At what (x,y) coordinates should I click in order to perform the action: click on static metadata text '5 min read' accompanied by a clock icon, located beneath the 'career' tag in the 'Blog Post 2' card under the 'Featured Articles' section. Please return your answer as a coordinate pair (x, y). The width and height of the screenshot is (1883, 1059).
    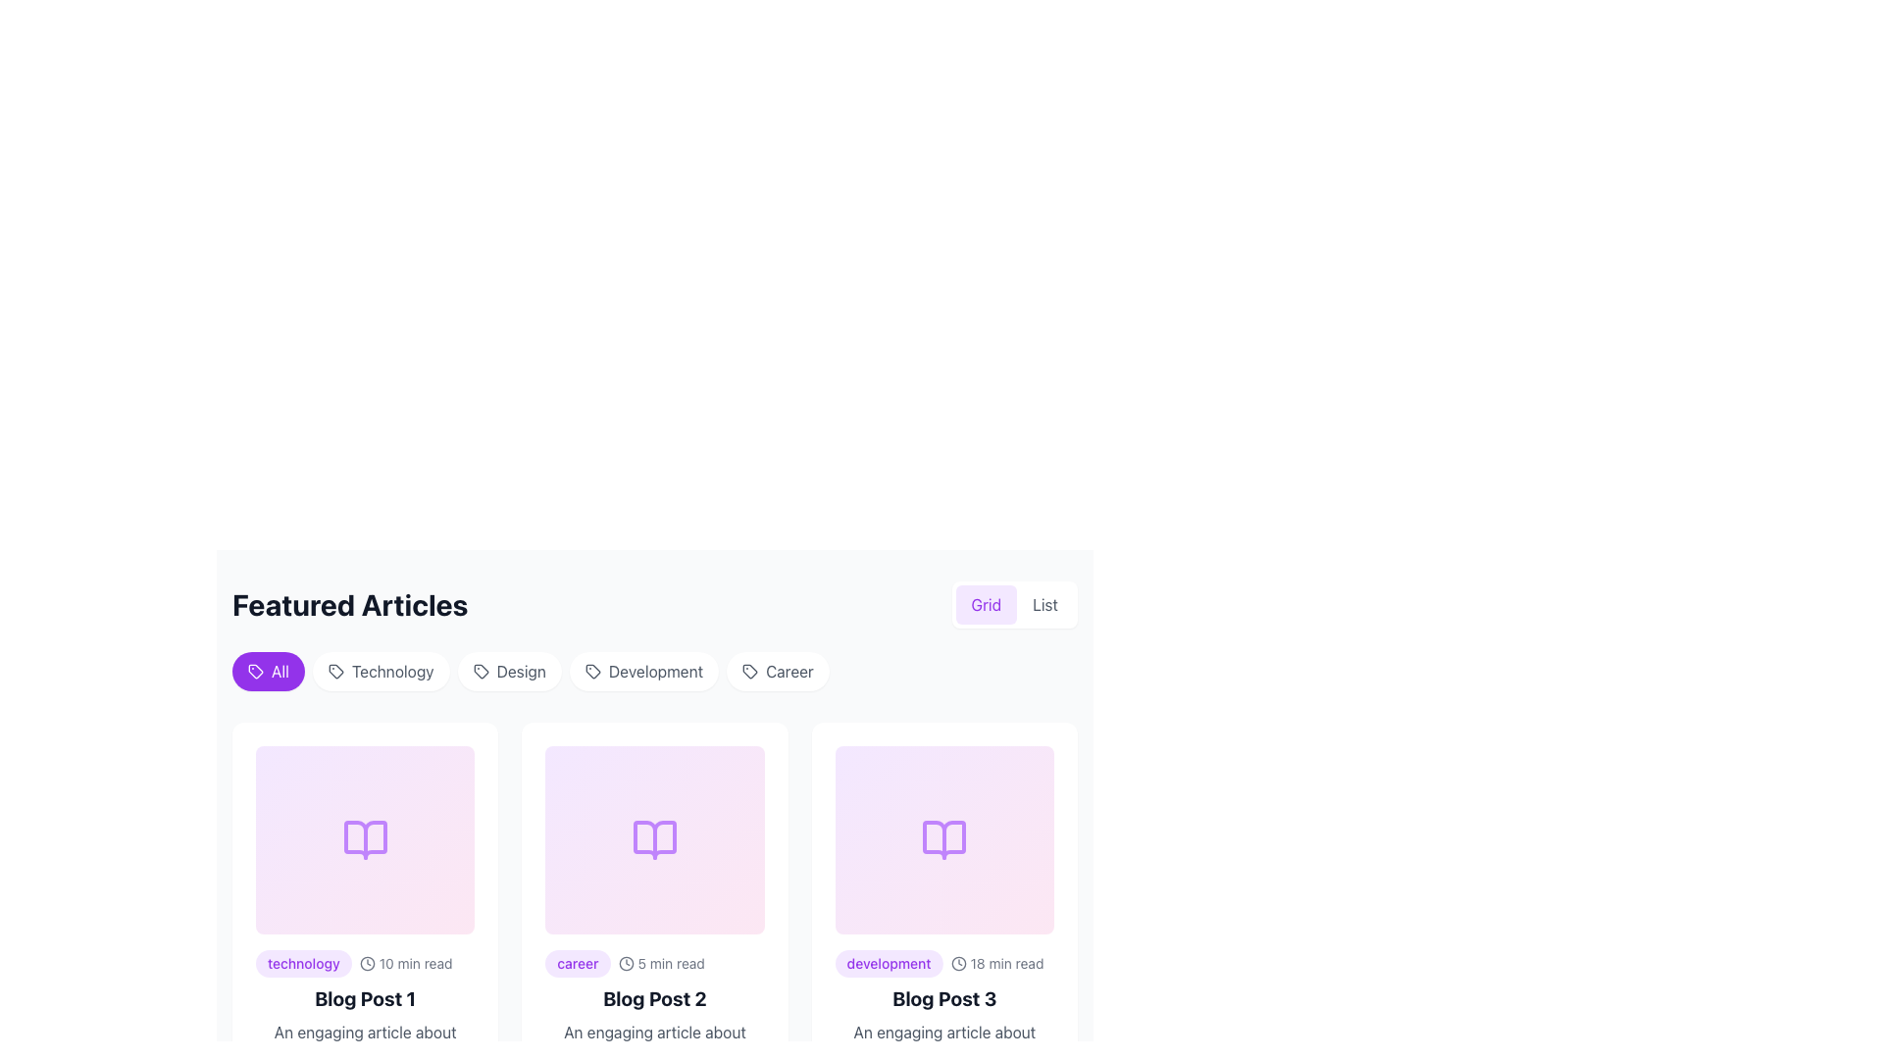
    Looking at the image, I should click on (661, 963).